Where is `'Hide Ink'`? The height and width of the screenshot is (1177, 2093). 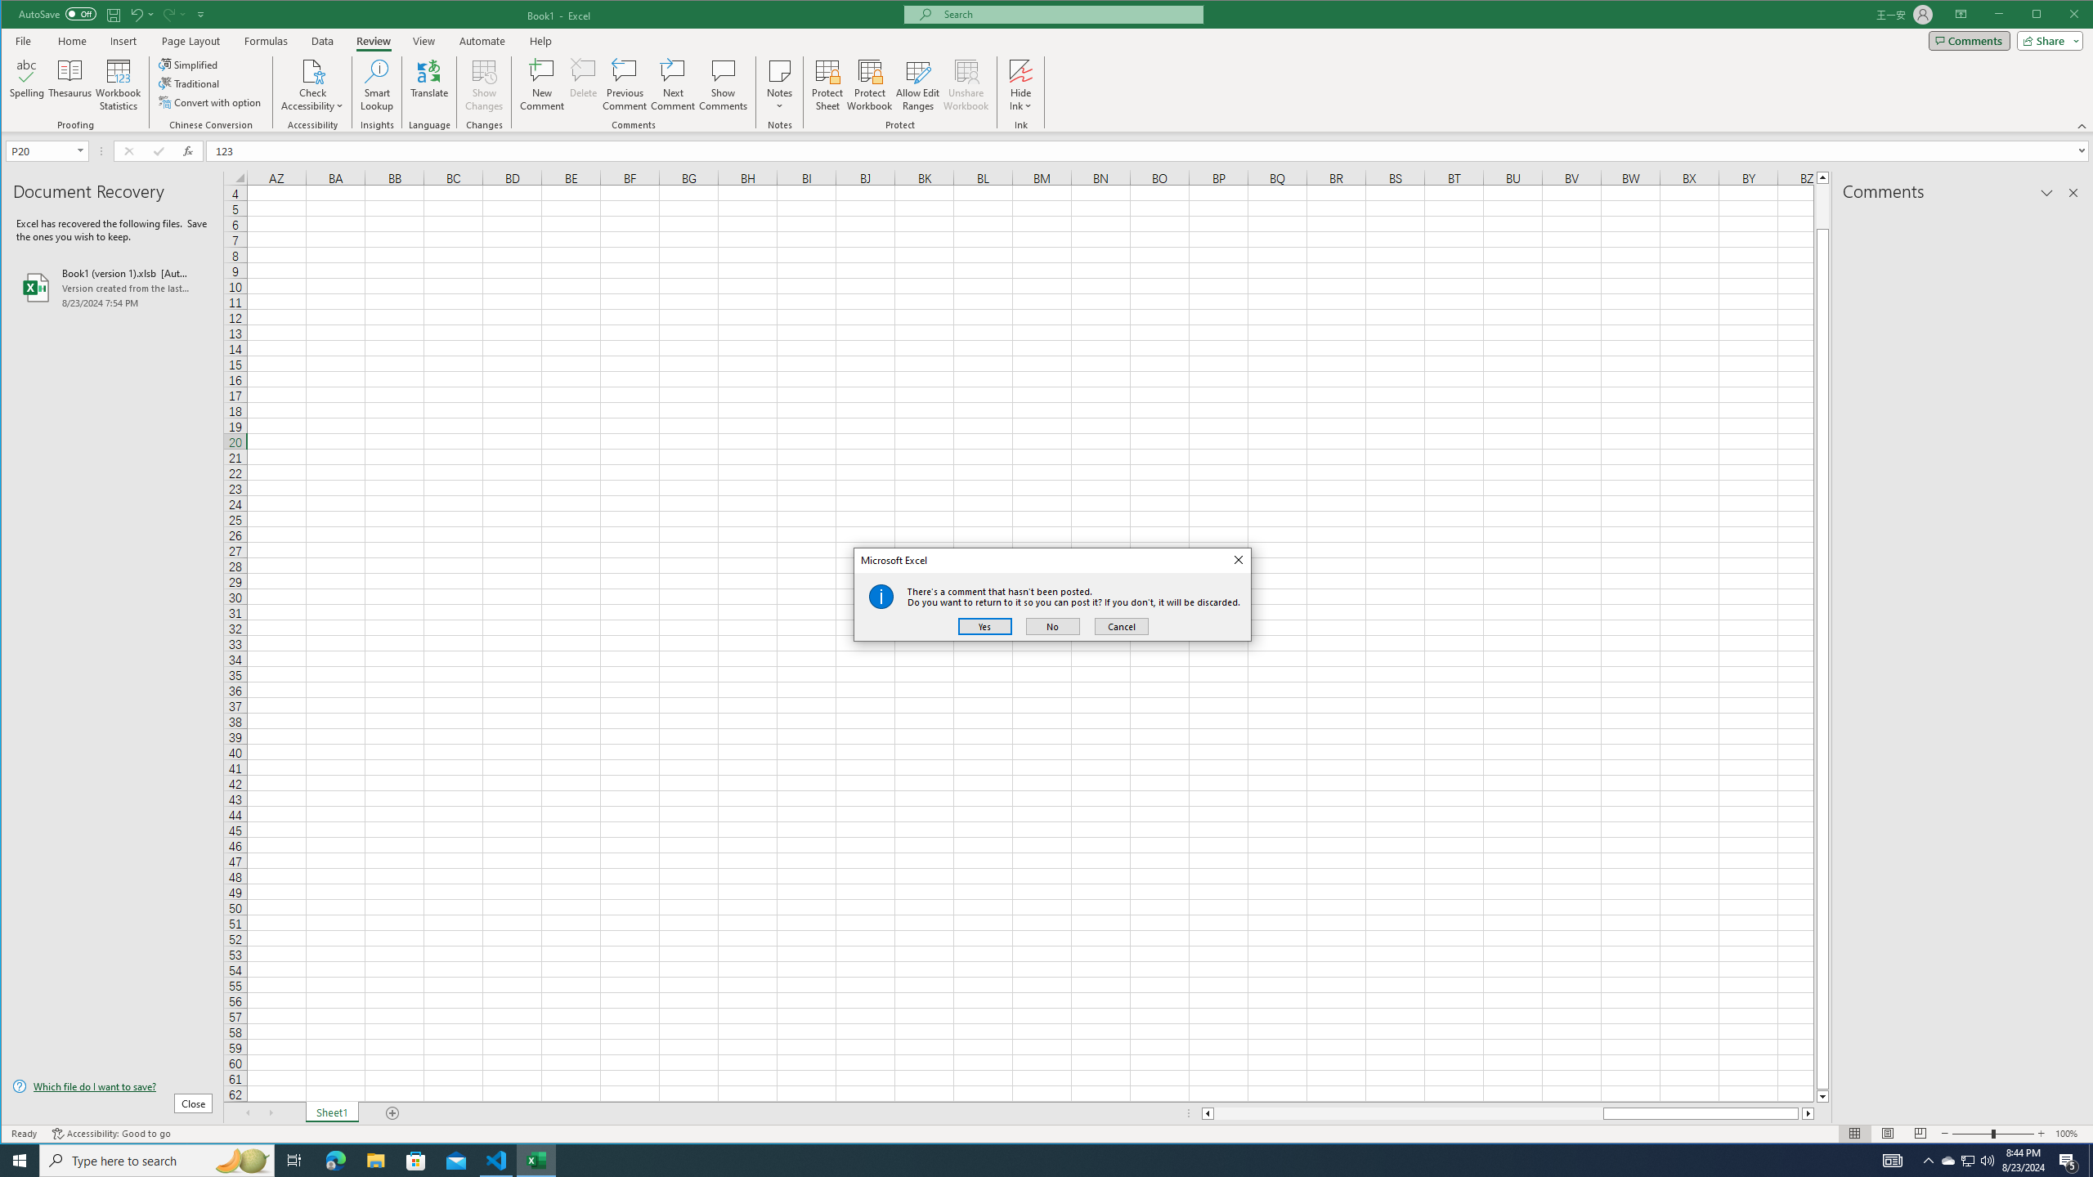
'Hide Ink' is located at coordinates (1020, 69).